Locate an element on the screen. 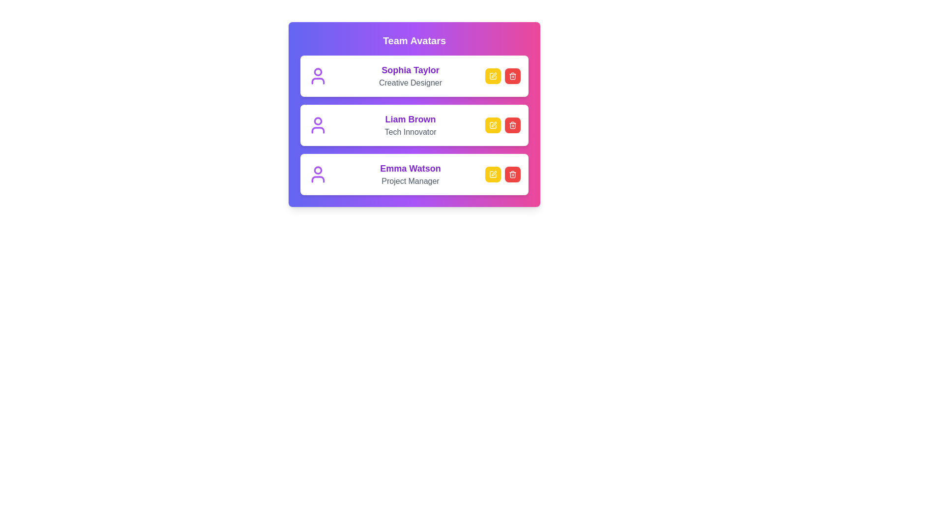 Image resolution: width=944 pixels, height=531 pixels. the square button with a bright yellow background and a white pen icon, which is located in the right section of the card for 'Emma Watson', next to the red delete button is located at coordinates (493, 174).